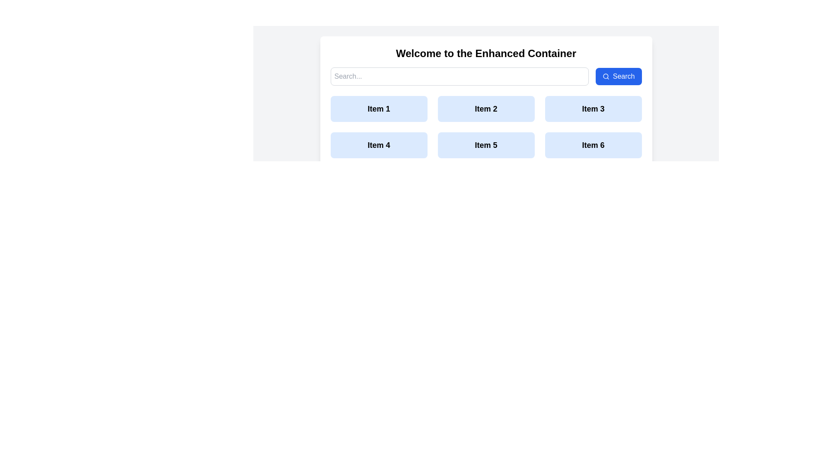 The width and height of the screenshot is (830, 467). Describe the element at coordinates (486, 108) in the screenshot. I see `the rectangular button with a blue background and the text 'Item 2' in bold, located in the first row of a grid layout` at that location.